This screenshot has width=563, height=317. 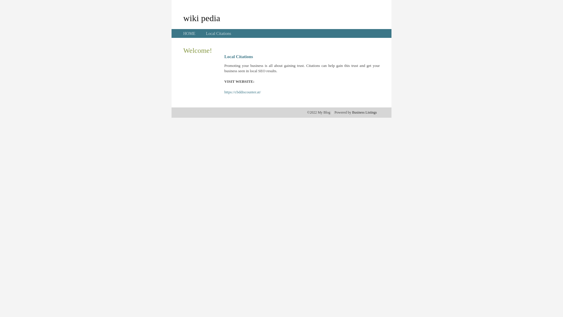 What do you see at coordinates (189, 33) in the screenshot?
I see `'HOME'` at bounding box center [189, 33].